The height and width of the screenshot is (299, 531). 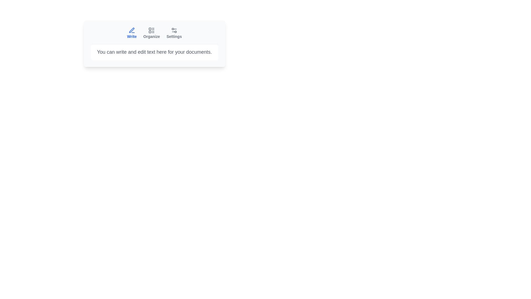 What do you see at coordinates (152, 33) in the screenshot?
I see `the Organize tab by clicking on its button` at bounding box center [152, 33].